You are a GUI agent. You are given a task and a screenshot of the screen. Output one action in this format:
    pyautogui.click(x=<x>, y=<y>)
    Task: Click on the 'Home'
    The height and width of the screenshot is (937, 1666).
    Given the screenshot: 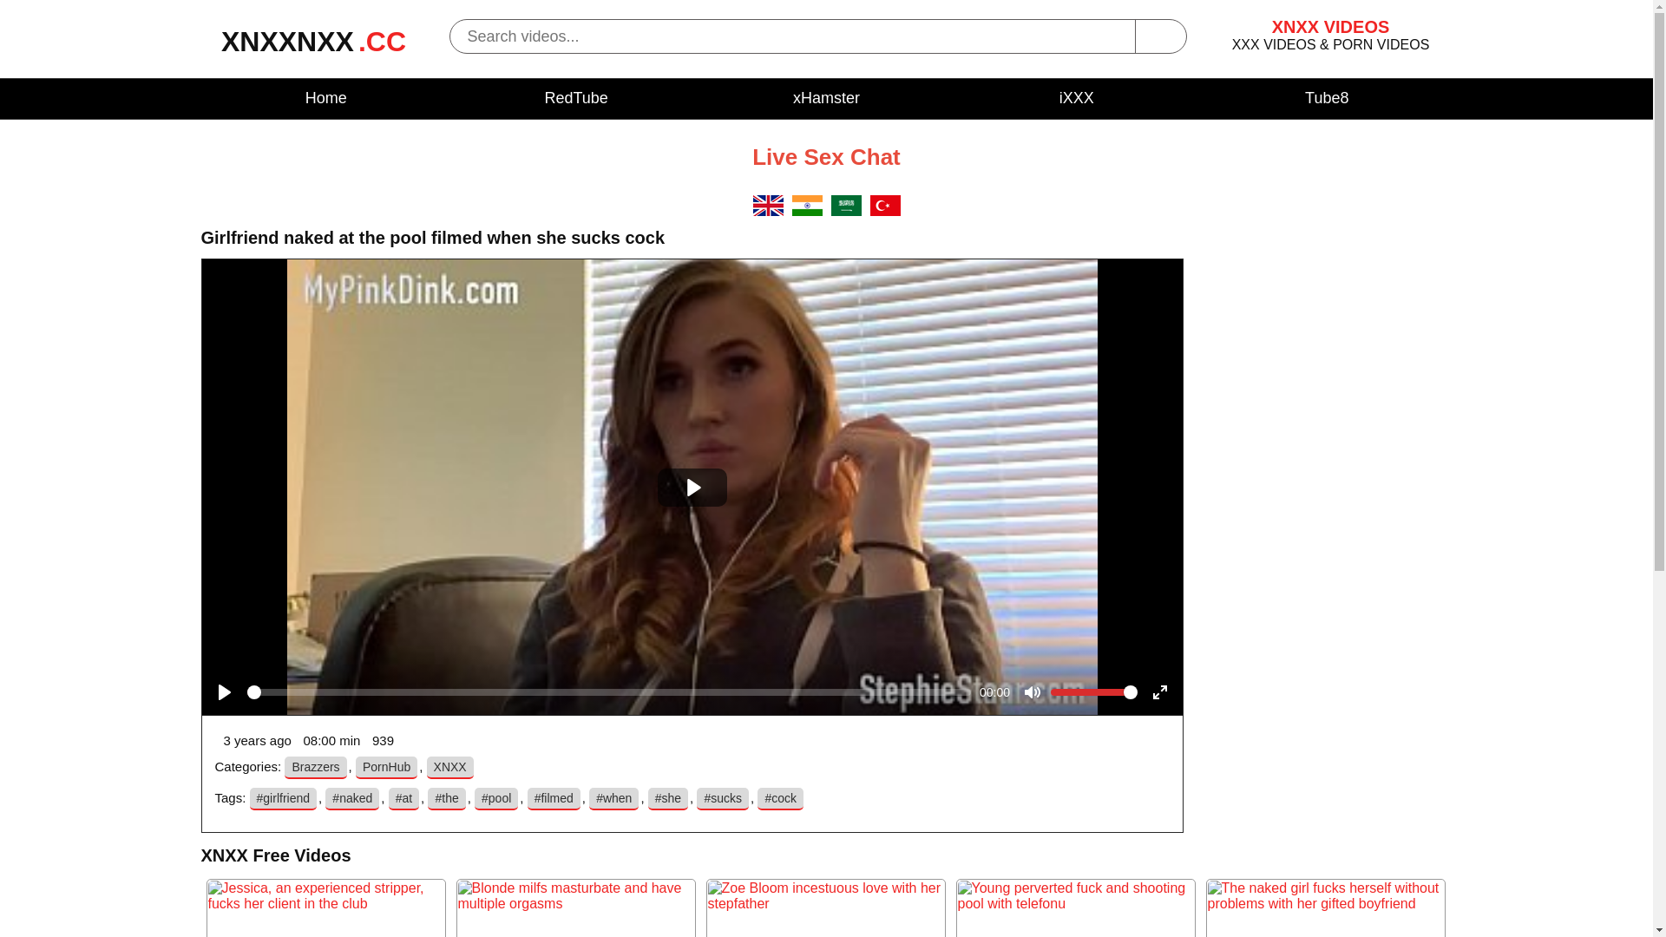 What is the action you would take?
    pyautogui.click(x=200, y=97)
    